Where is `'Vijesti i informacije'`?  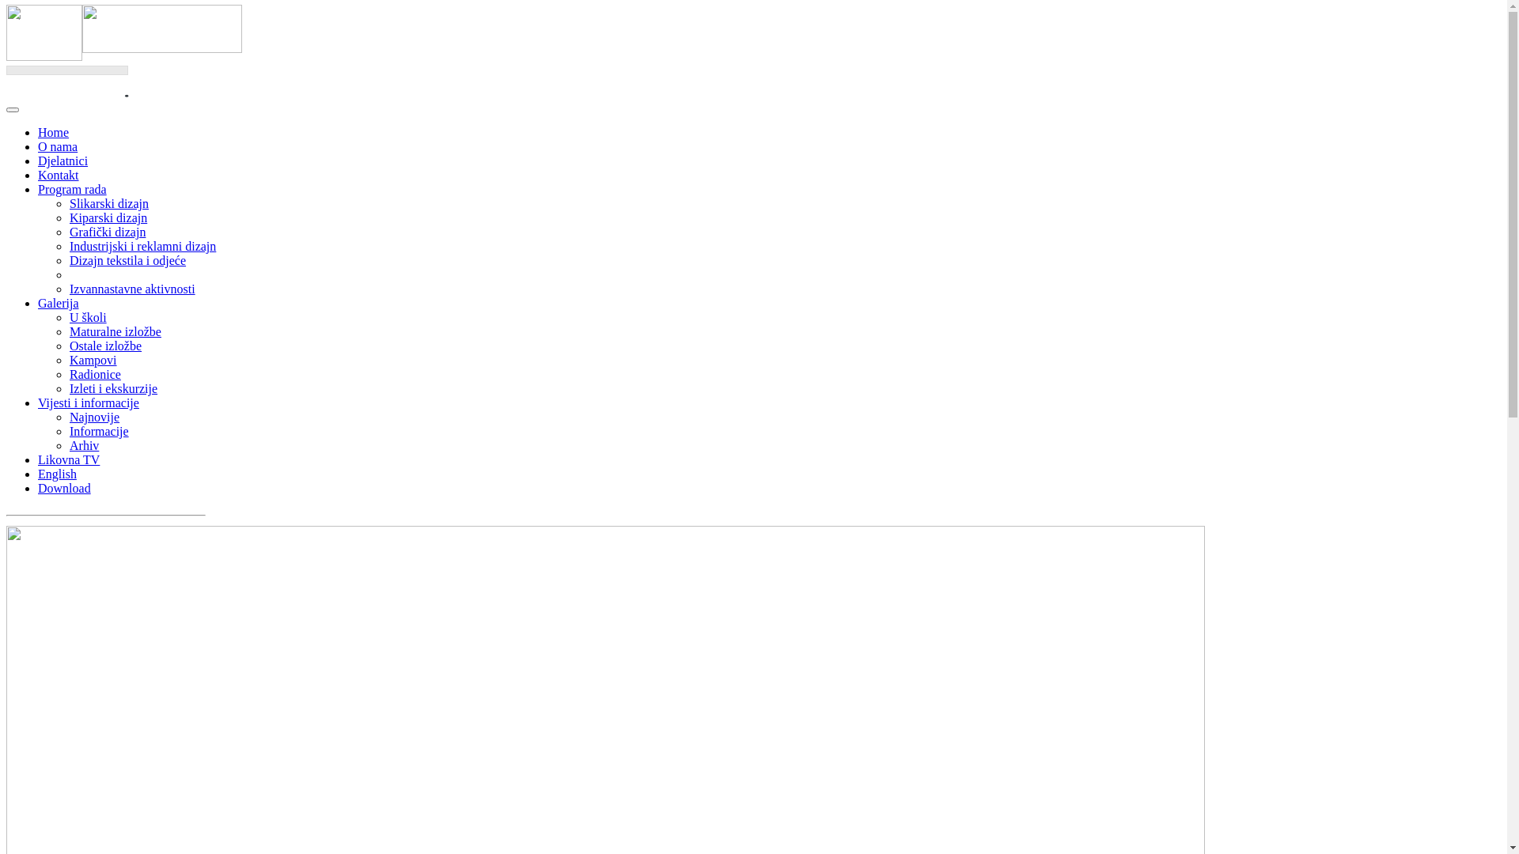 'Vijesti i informacije' is located at coordinates (38, 402).